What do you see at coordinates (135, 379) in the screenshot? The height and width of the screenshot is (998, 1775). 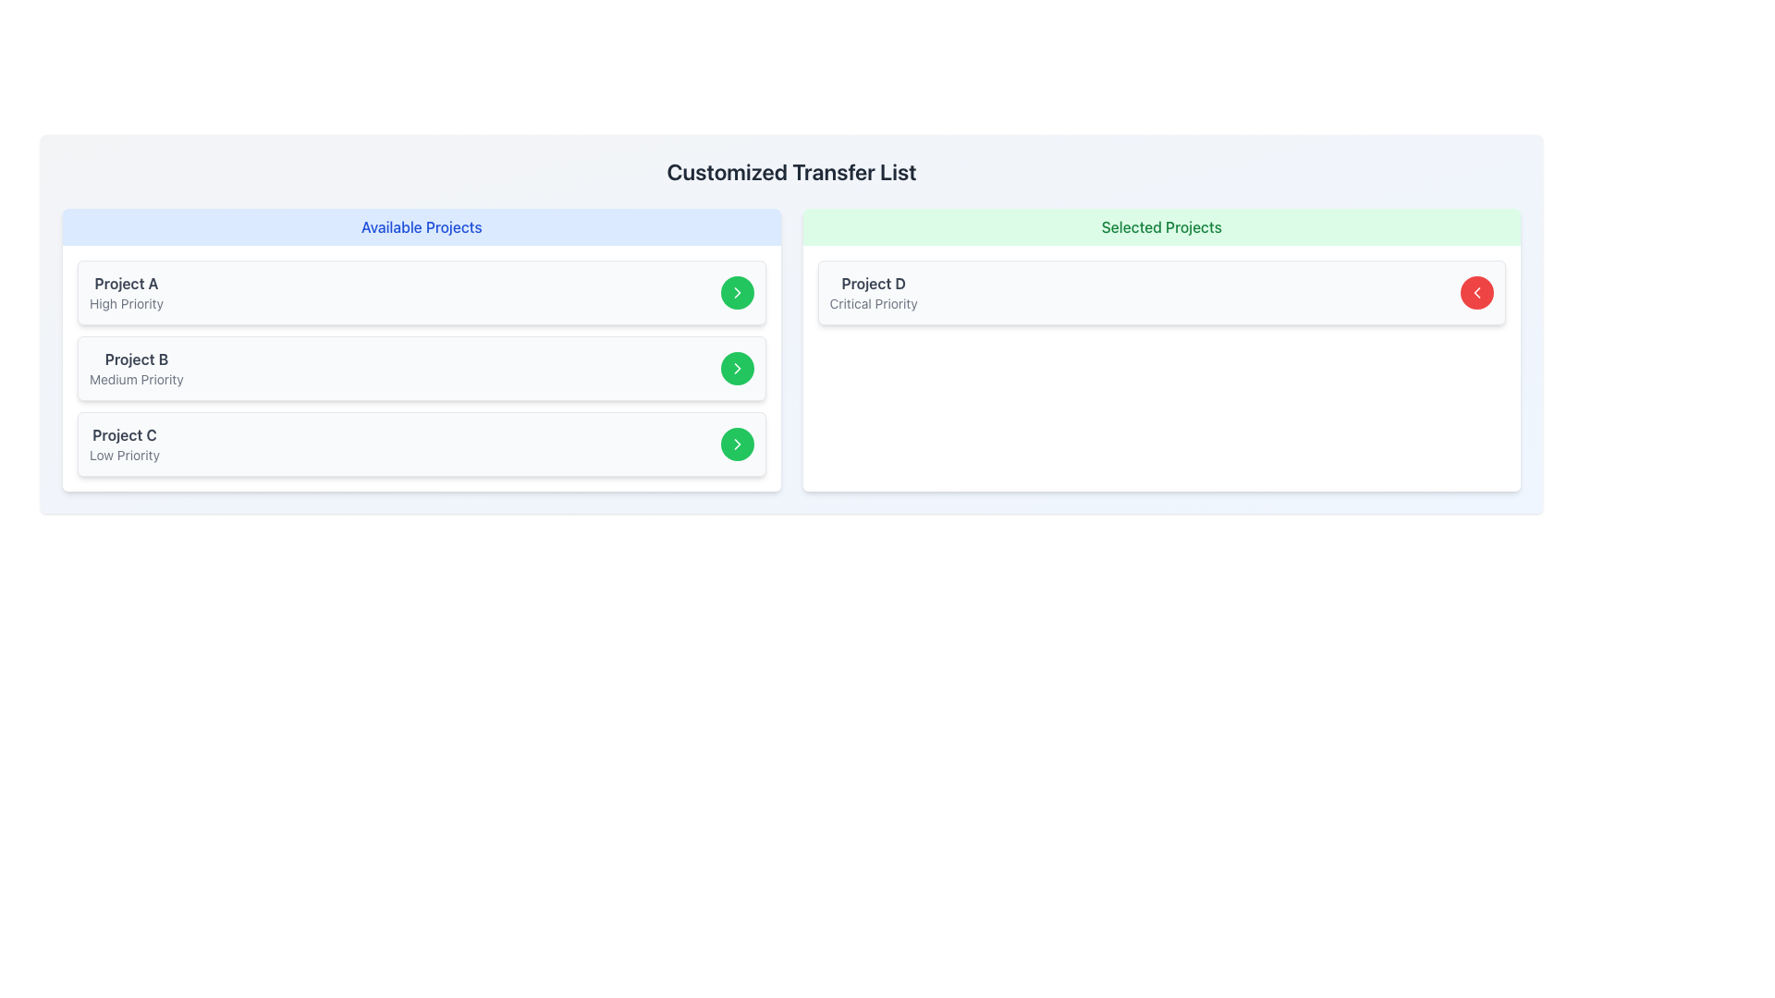 I see `the 'Medium Priority' text label located beneath the 'Project B' label in the 'Available Projects' section` at bounding box center [135, 379].